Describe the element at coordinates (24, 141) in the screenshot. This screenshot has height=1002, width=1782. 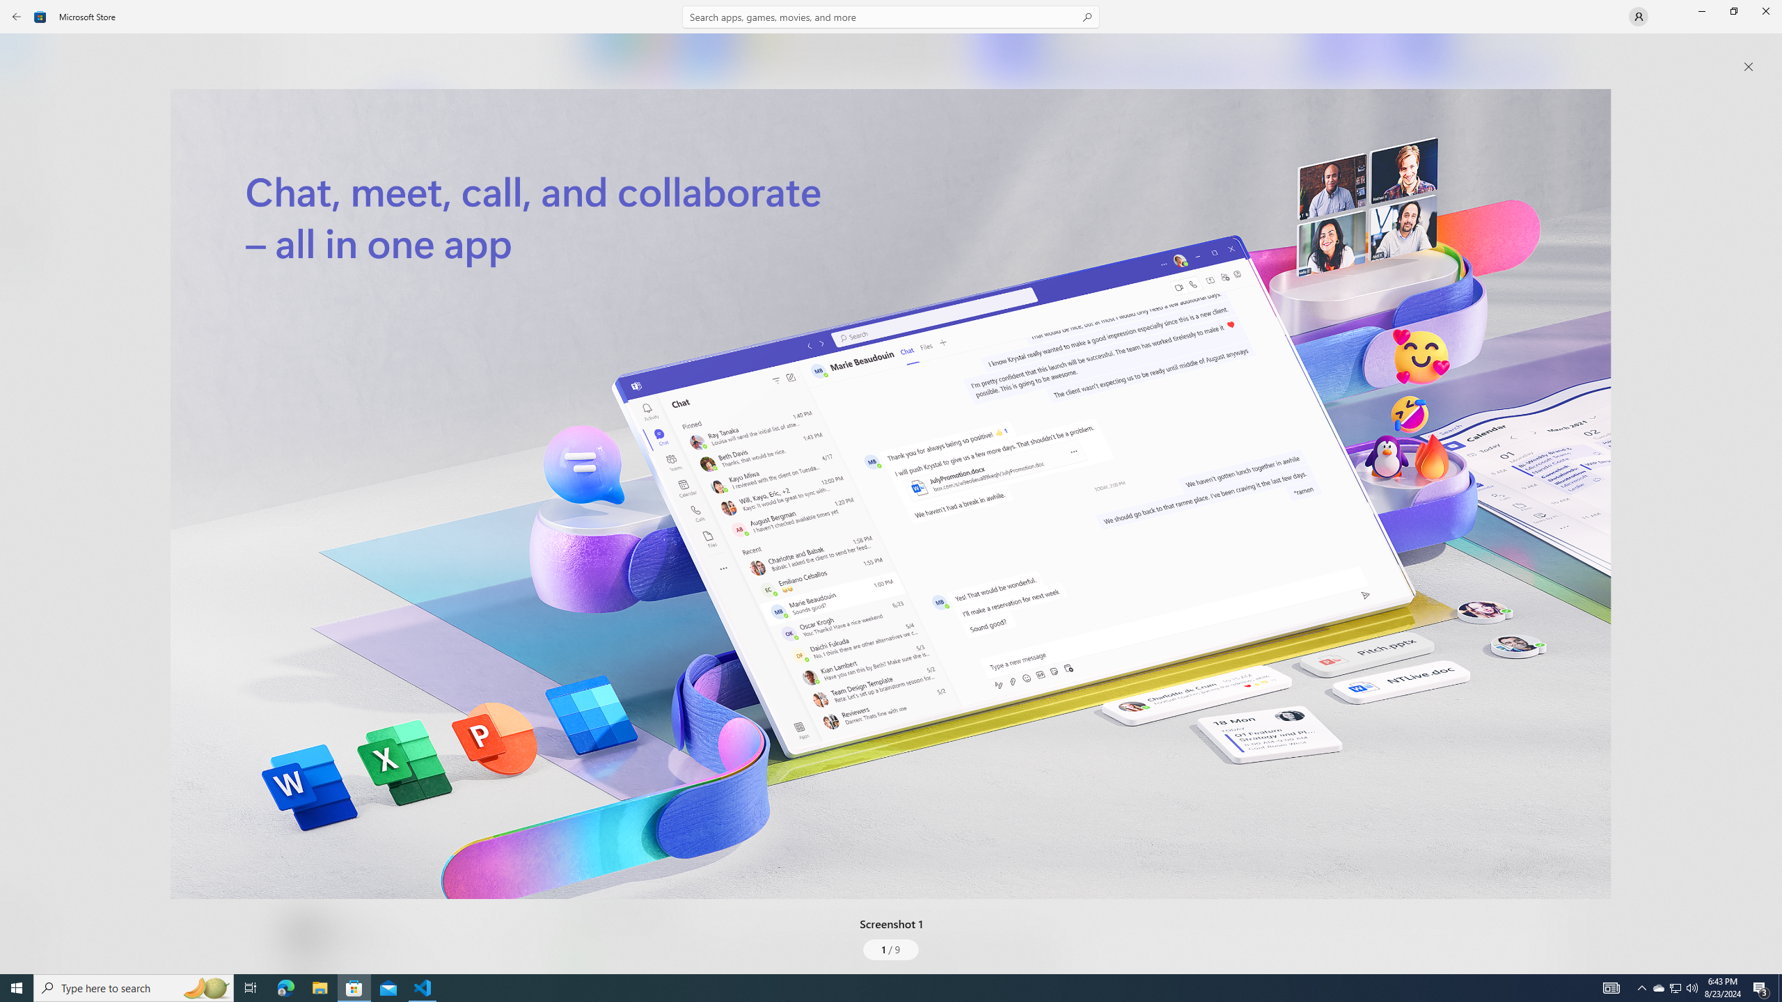
I see `'Gaming'` at that location.